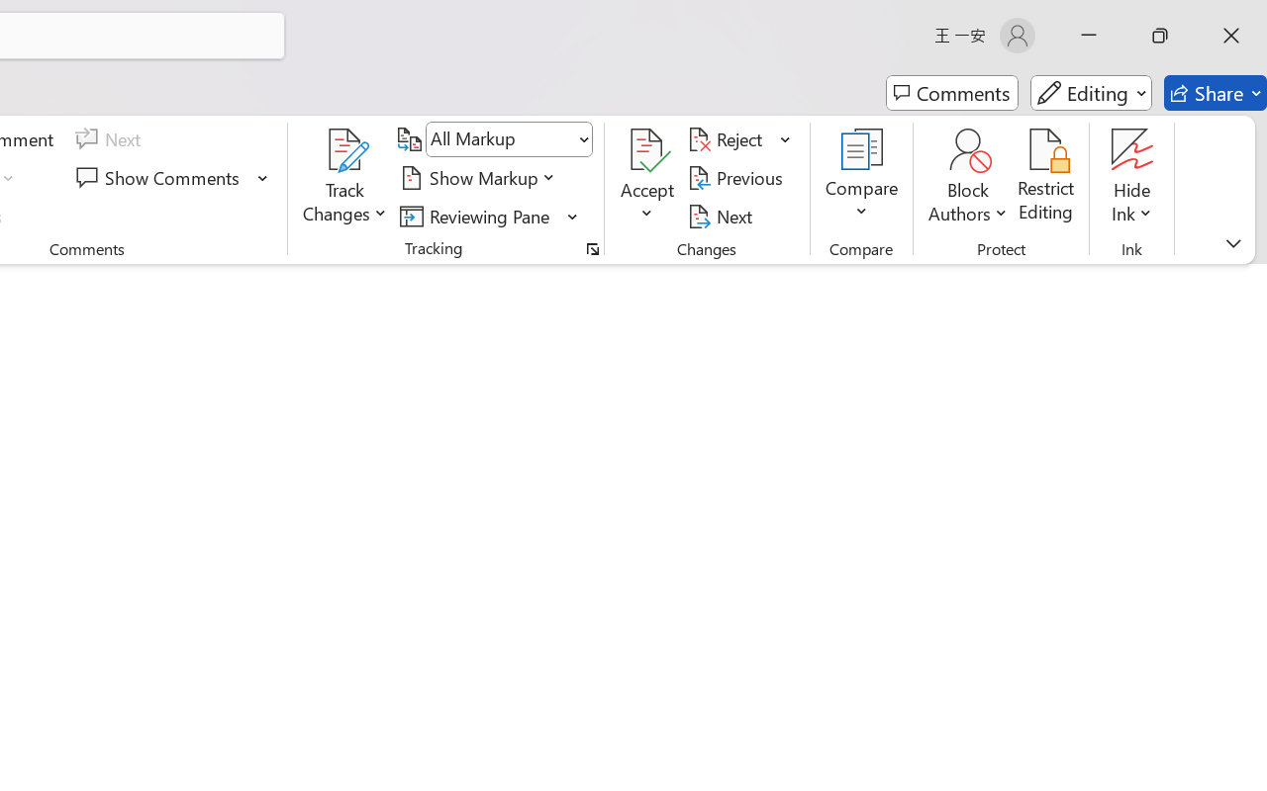 This screenshot has width=1267, height=791. Describe the element at coordinates (951, 93) in the screenshot. I see `'Comments'` at that location.